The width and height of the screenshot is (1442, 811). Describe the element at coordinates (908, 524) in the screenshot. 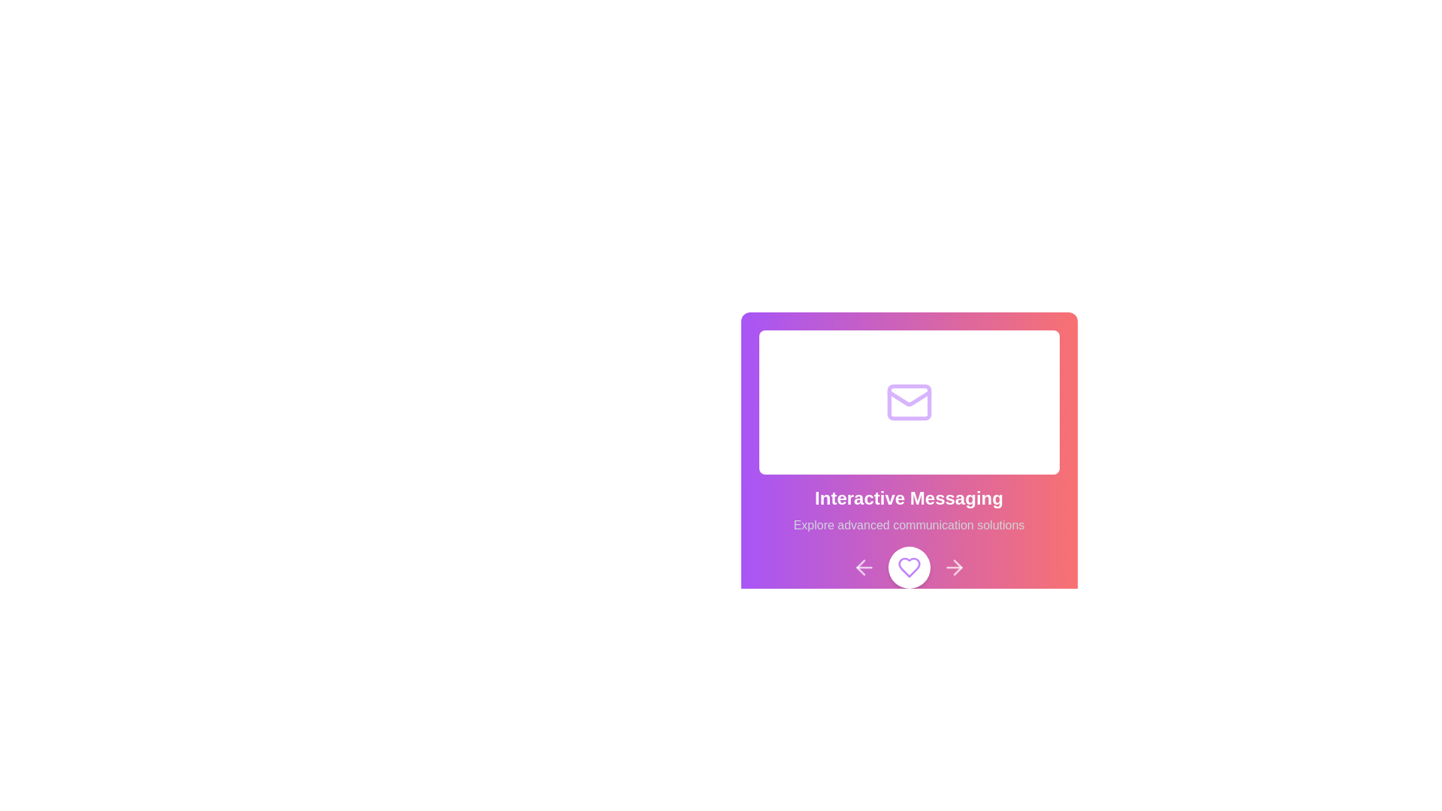

I see `the static text label displaying 'Explore advanced communication solutions' which is positioned below the bold text 'Interactive Messaging' in a light gray tone` at that location.